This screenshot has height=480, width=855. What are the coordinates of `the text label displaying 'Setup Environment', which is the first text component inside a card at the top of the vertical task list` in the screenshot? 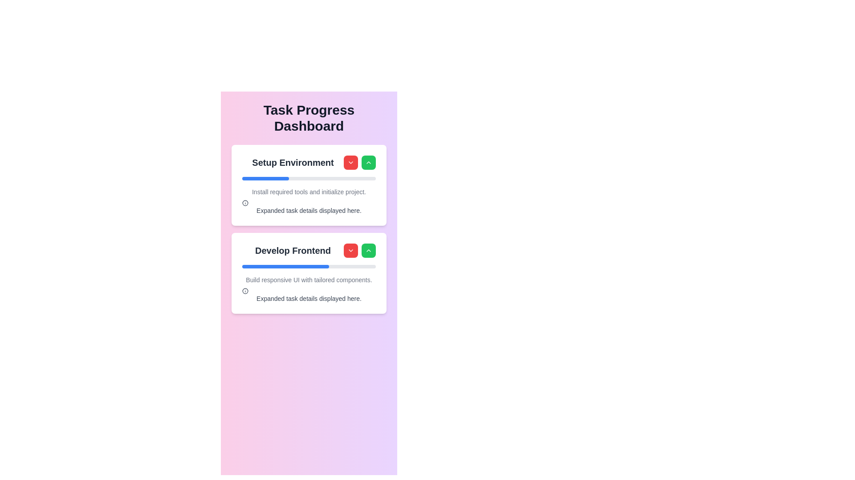 It's located at (293, 163).